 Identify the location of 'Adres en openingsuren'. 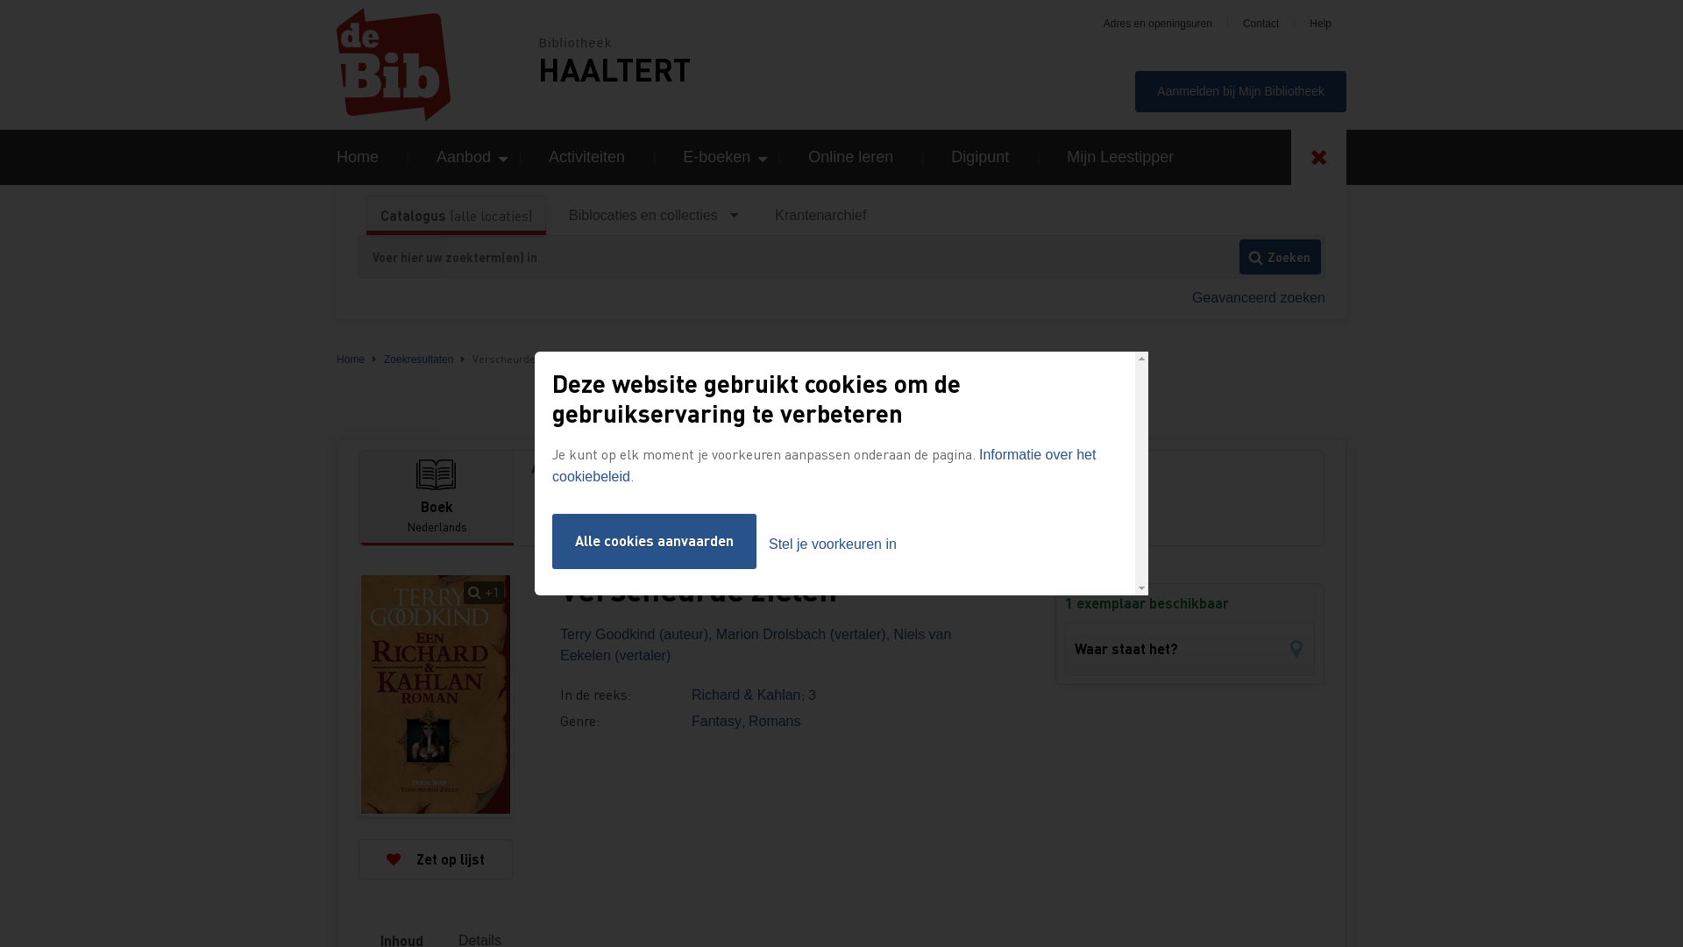
(1157, 24).